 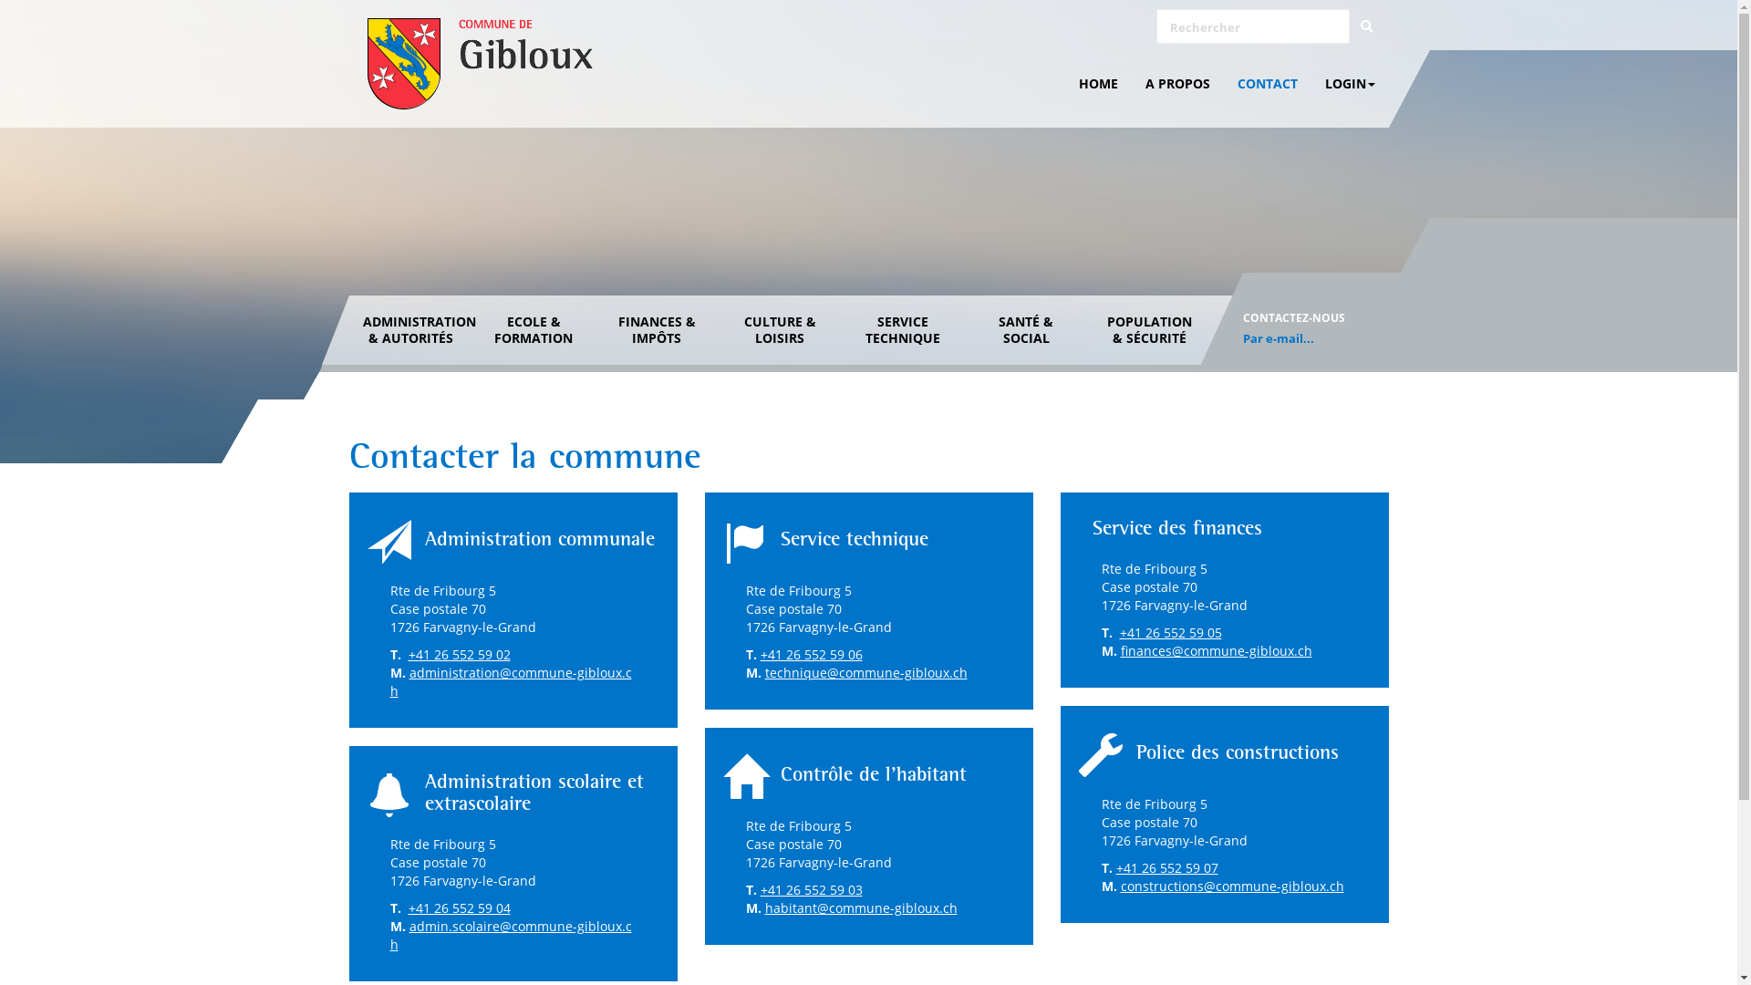 I want to click on 'constructions@commune-gibloux.ch', so click(x=1119, y=885).